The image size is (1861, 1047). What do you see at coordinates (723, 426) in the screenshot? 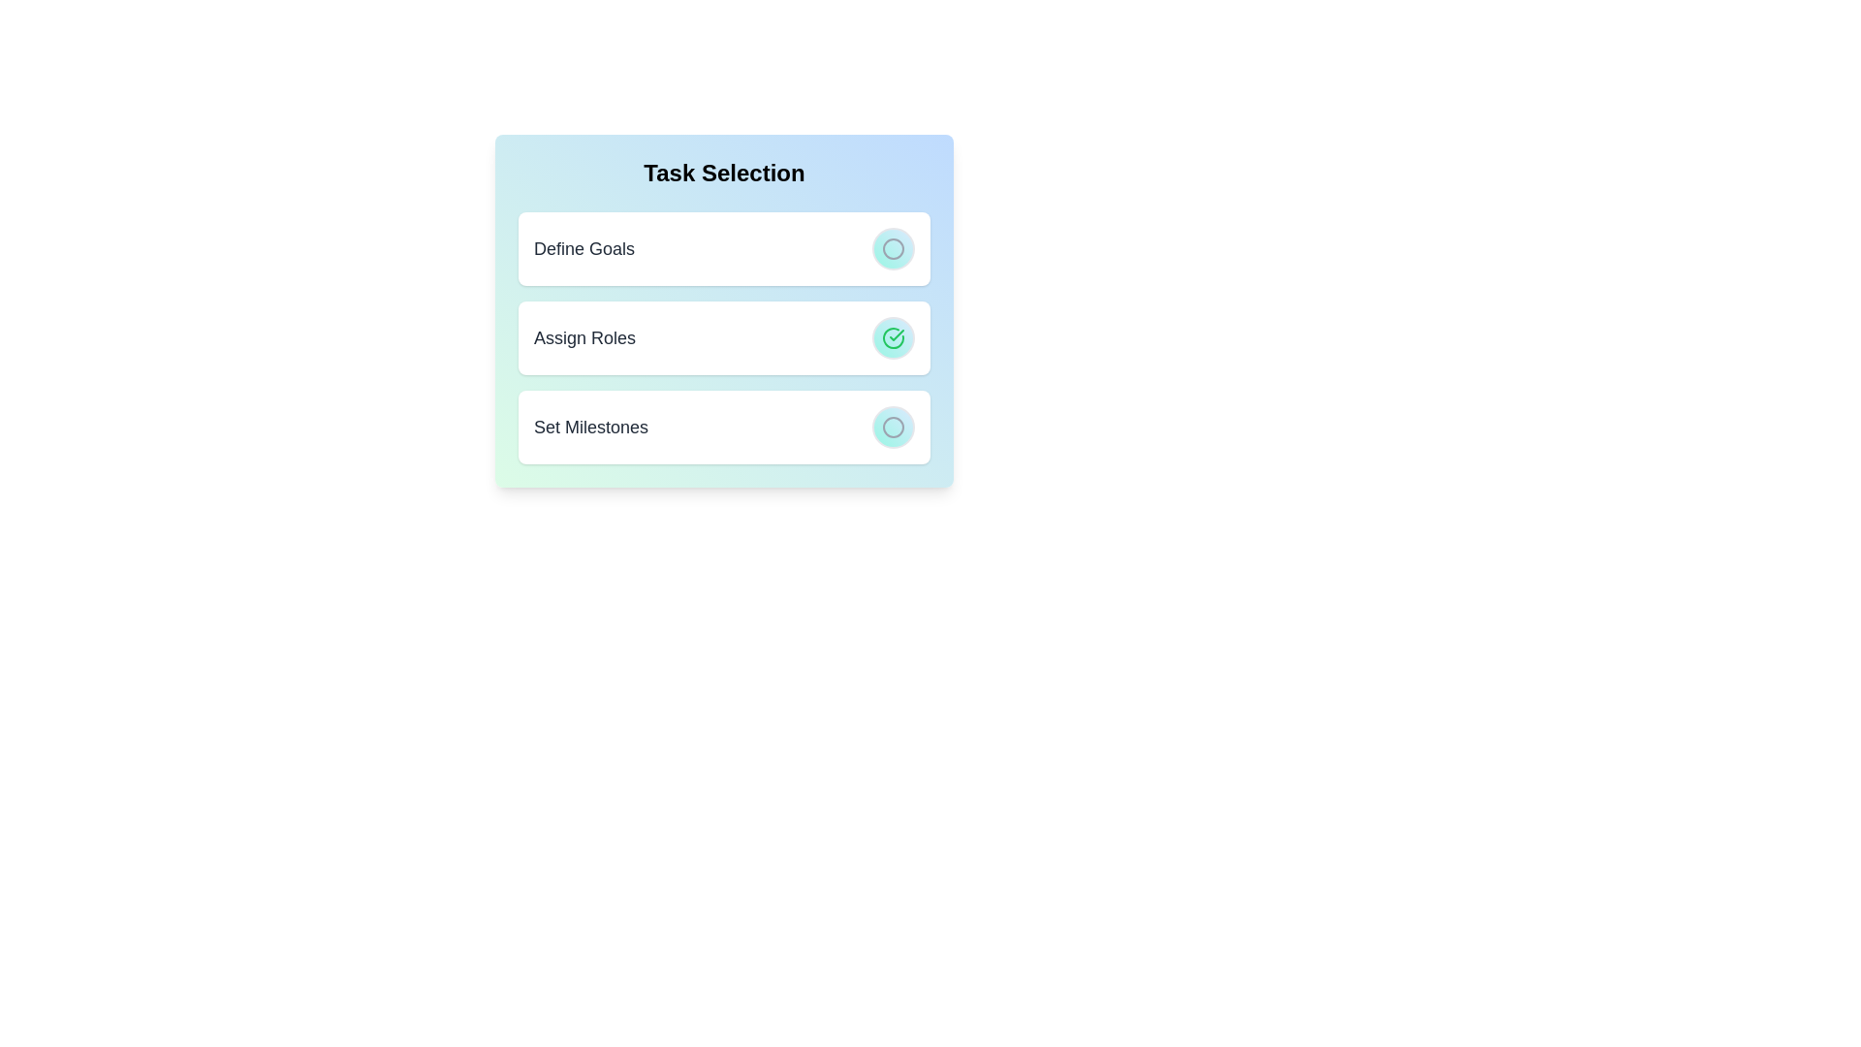
I see `the task item Set Milestones to observe the hover effect` at bounding box center [723, 426].